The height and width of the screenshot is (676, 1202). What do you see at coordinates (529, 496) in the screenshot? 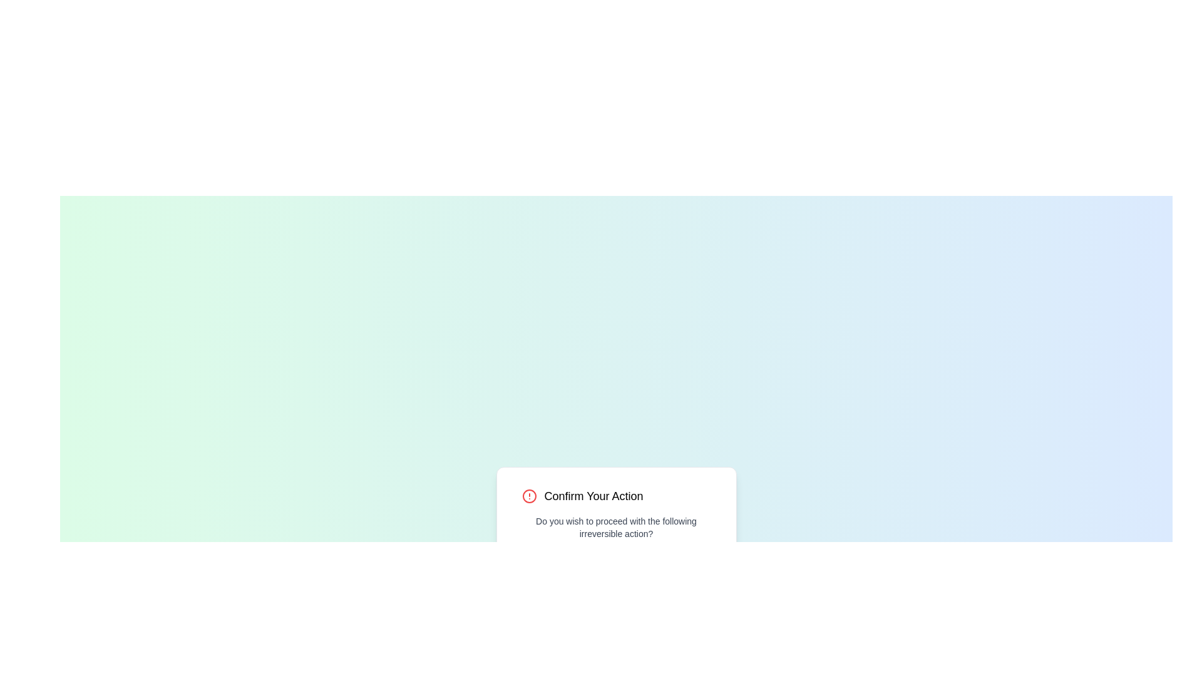
I see `the alert icon located to the left of the 'Confirm Your Action' text` at bounding box center [529, 496].